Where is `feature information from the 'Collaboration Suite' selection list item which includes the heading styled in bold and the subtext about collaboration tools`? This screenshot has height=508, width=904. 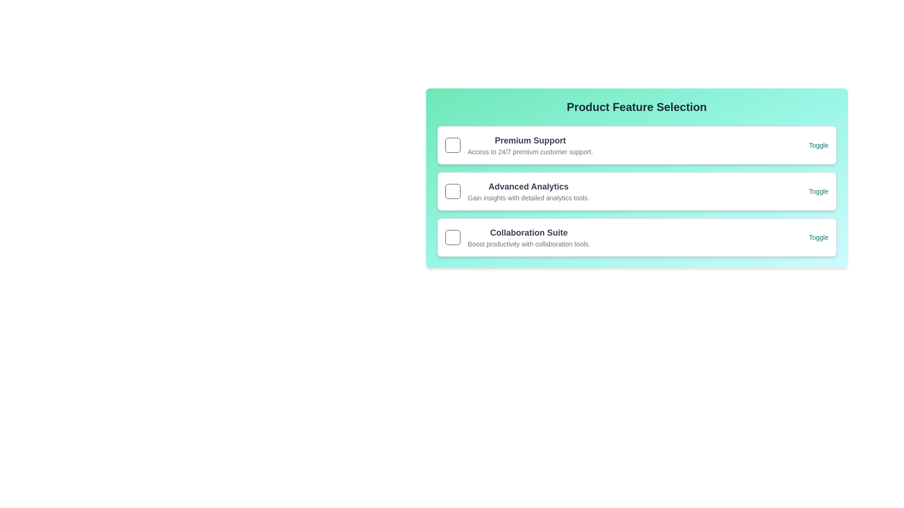
feature information from the 'Collaboration Suite' selection list item which includes the heading styled in bold and the subtext about collaboration tools is located at coordinates (517, 237).